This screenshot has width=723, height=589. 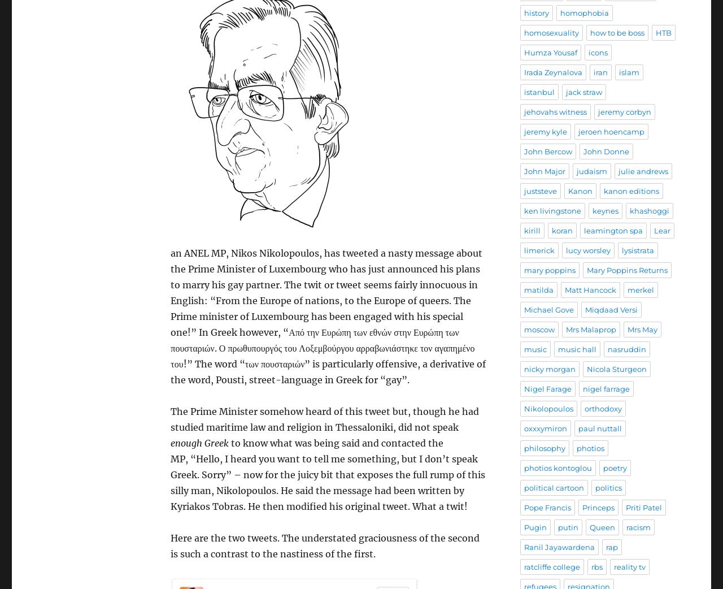 I want to click on 'kanon editions', so click(x=630, y=191).